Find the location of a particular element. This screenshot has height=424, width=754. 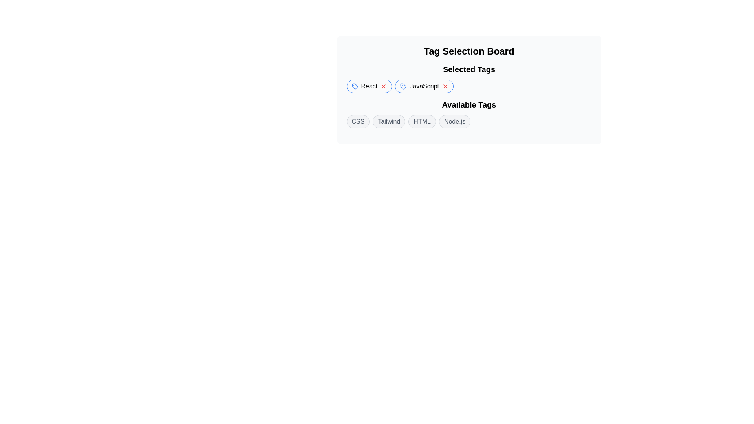

the tag icon element shaped like a tag with blue lines and a dot, which is part of the 'React' tag button in the 'Selected Tags' section is located at coordinates (354, 86).